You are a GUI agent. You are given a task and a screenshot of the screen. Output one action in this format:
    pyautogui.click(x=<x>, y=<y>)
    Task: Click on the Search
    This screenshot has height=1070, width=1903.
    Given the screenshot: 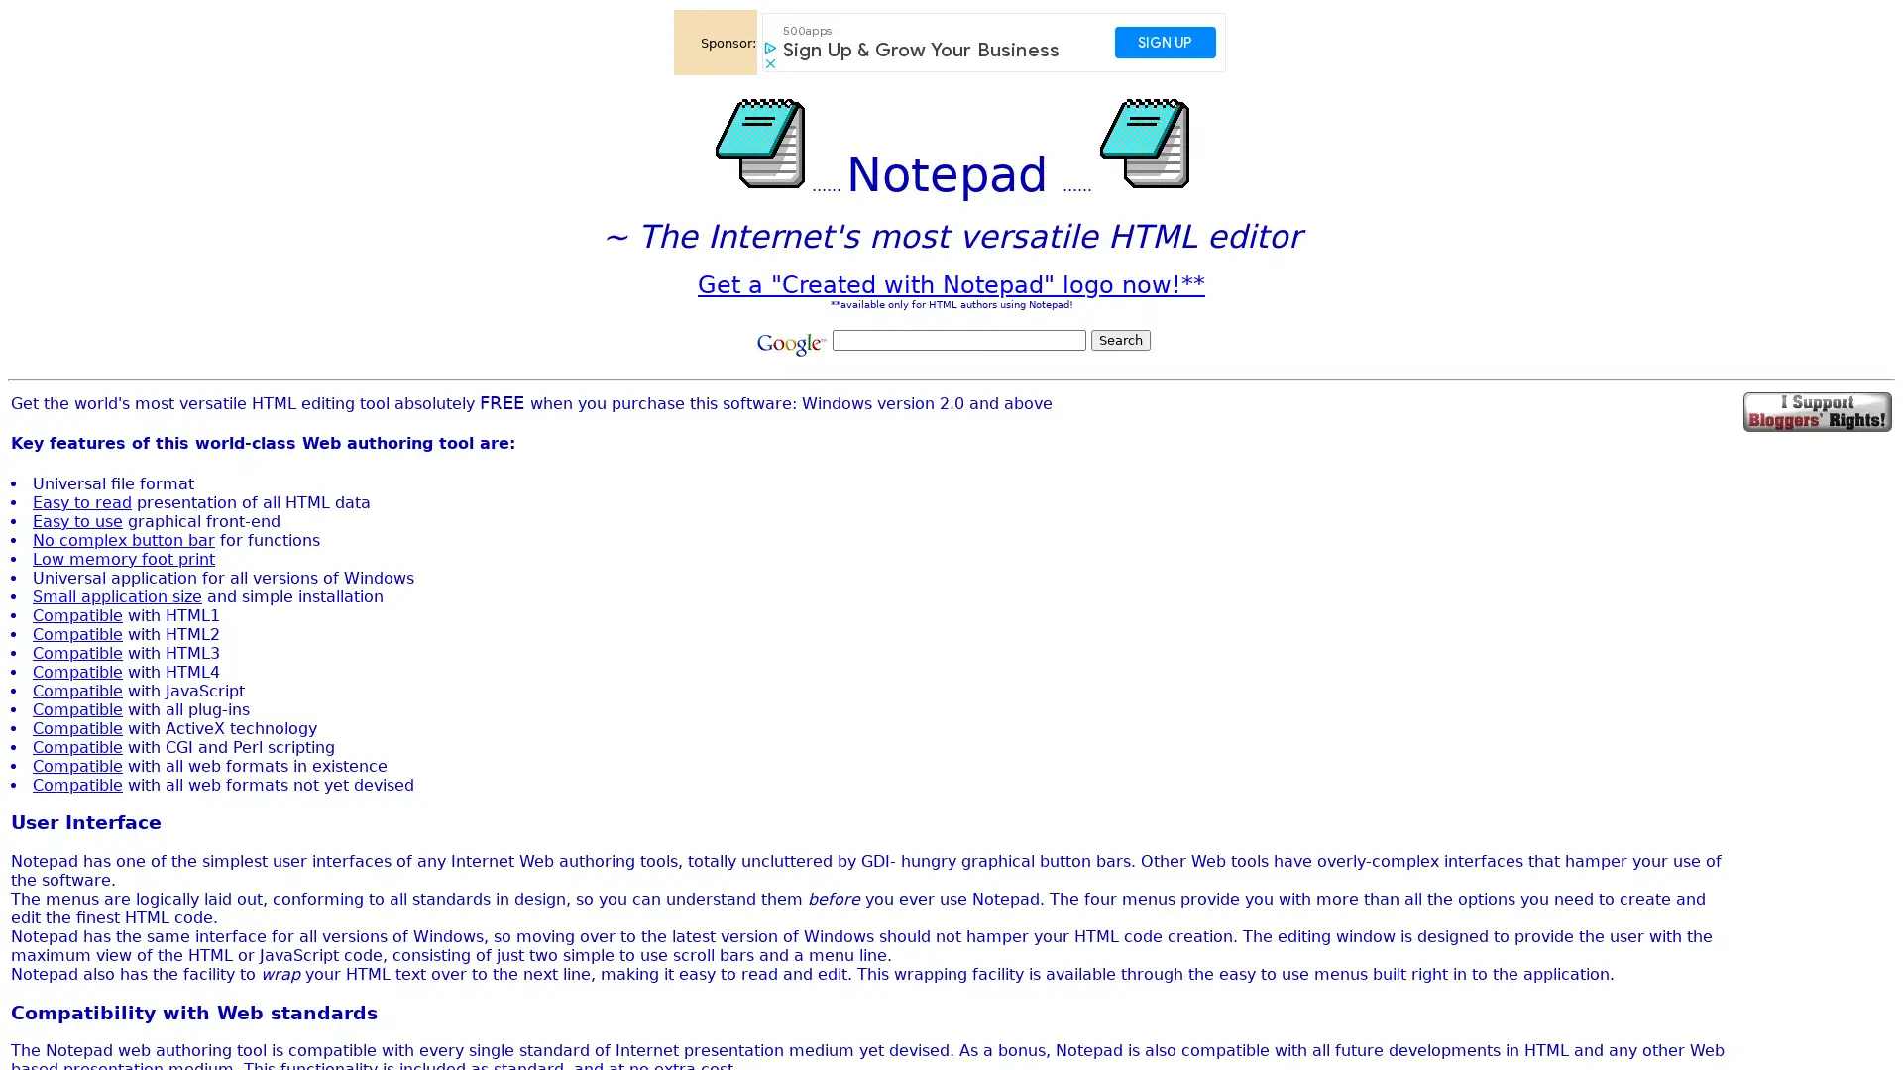 What is the action you would take?
    pyautogui.click(x=1119, y=339)
    